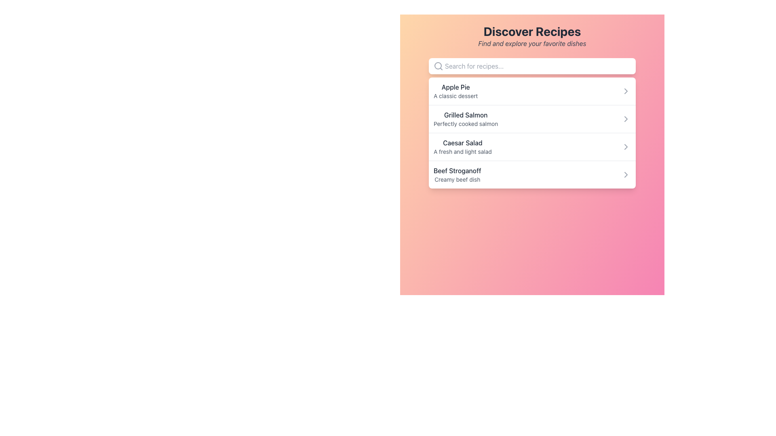 The width and height of the screenshot is (776, 436). What do you see at coordinates (438, 65) in the screenshot?
I see `the circular shape that represents the outer rim of the magnifying glass icon located inside the search input field at the top left` at bounding box center [438, 65].